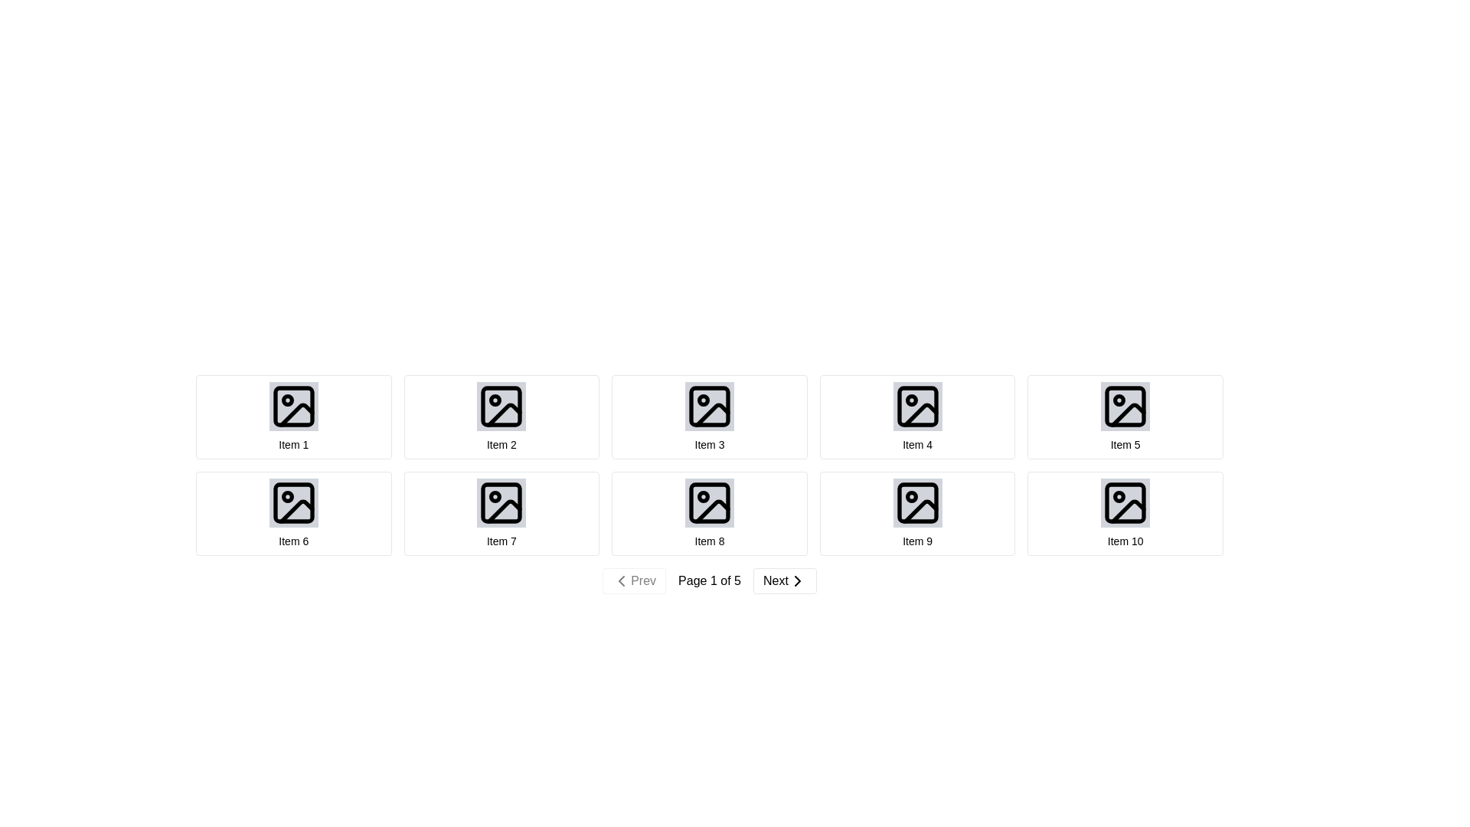  Describe the element at coordinates (785, 581) in the screenshot. I see `the 'Next' button located at the bottom-right corner of the pagination bar` at that location.